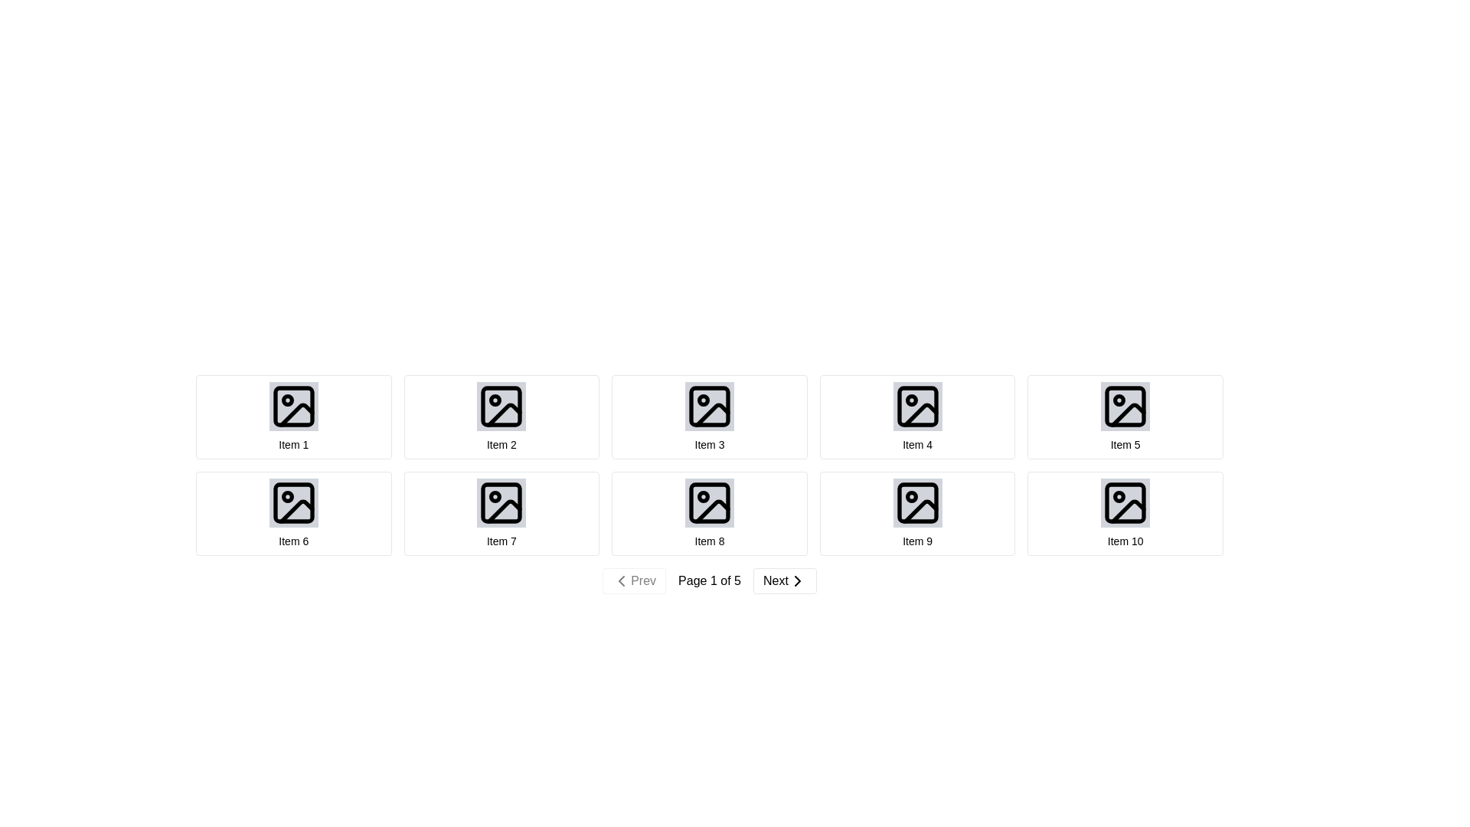  Describe the element at coordinates (785, 581) in the screenshot. I see `the 'Next' button located at the bottom-right corner of the pagination bar` at that location.